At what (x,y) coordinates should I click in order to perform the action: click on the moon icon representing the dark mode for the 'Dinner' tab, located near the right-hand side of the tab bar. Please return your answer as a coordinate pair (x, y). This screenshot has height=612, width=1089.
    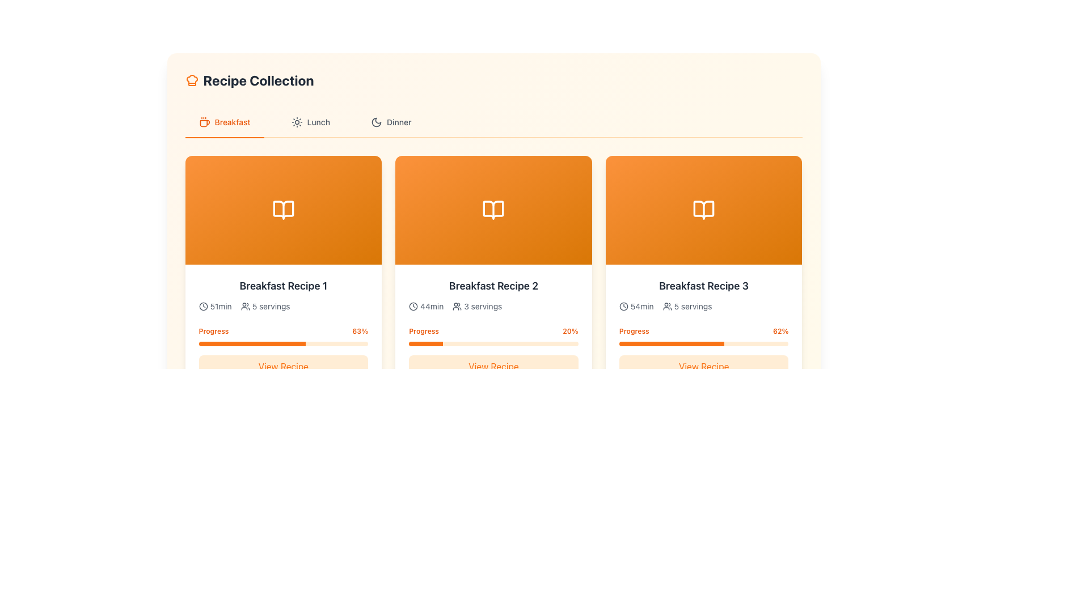
    Looking at the image, I should click on (376, 122).